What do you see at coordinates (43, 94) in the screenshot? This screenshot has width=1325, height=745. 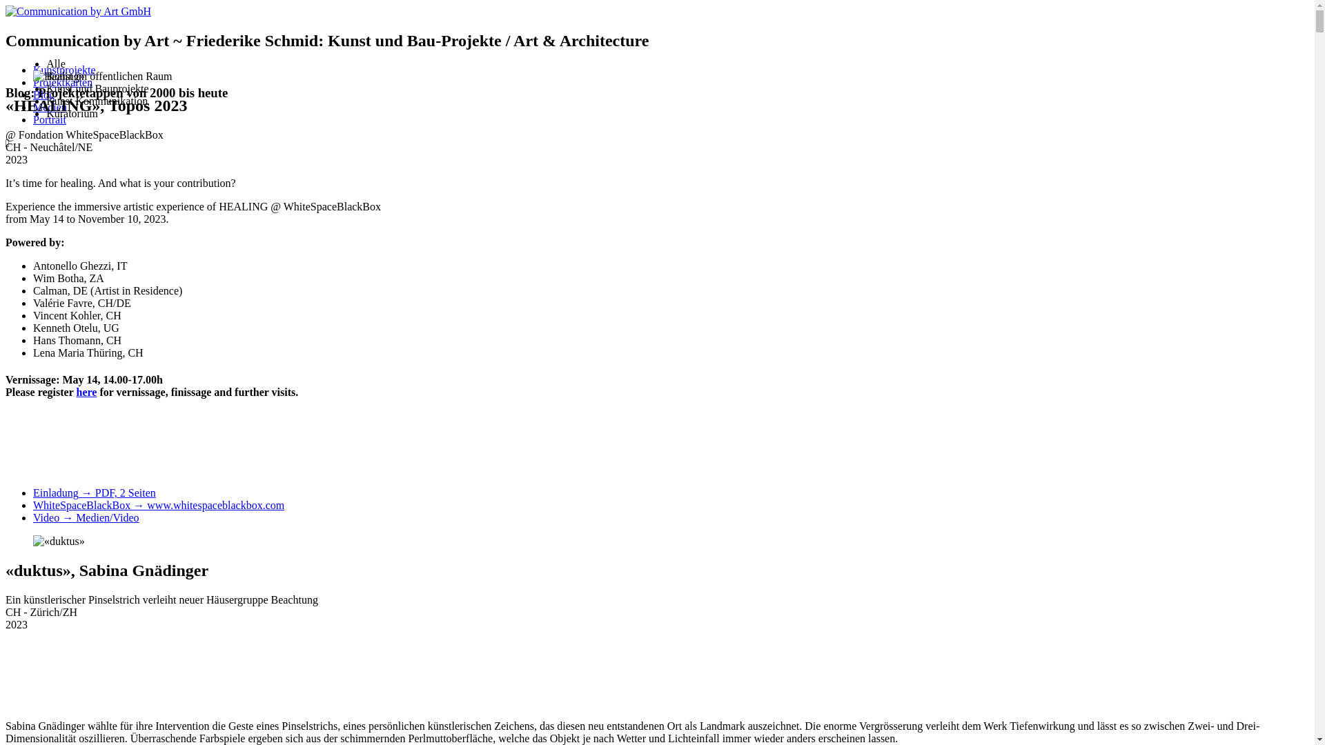 I see `'Blog'` at bounding box center [43, 94].